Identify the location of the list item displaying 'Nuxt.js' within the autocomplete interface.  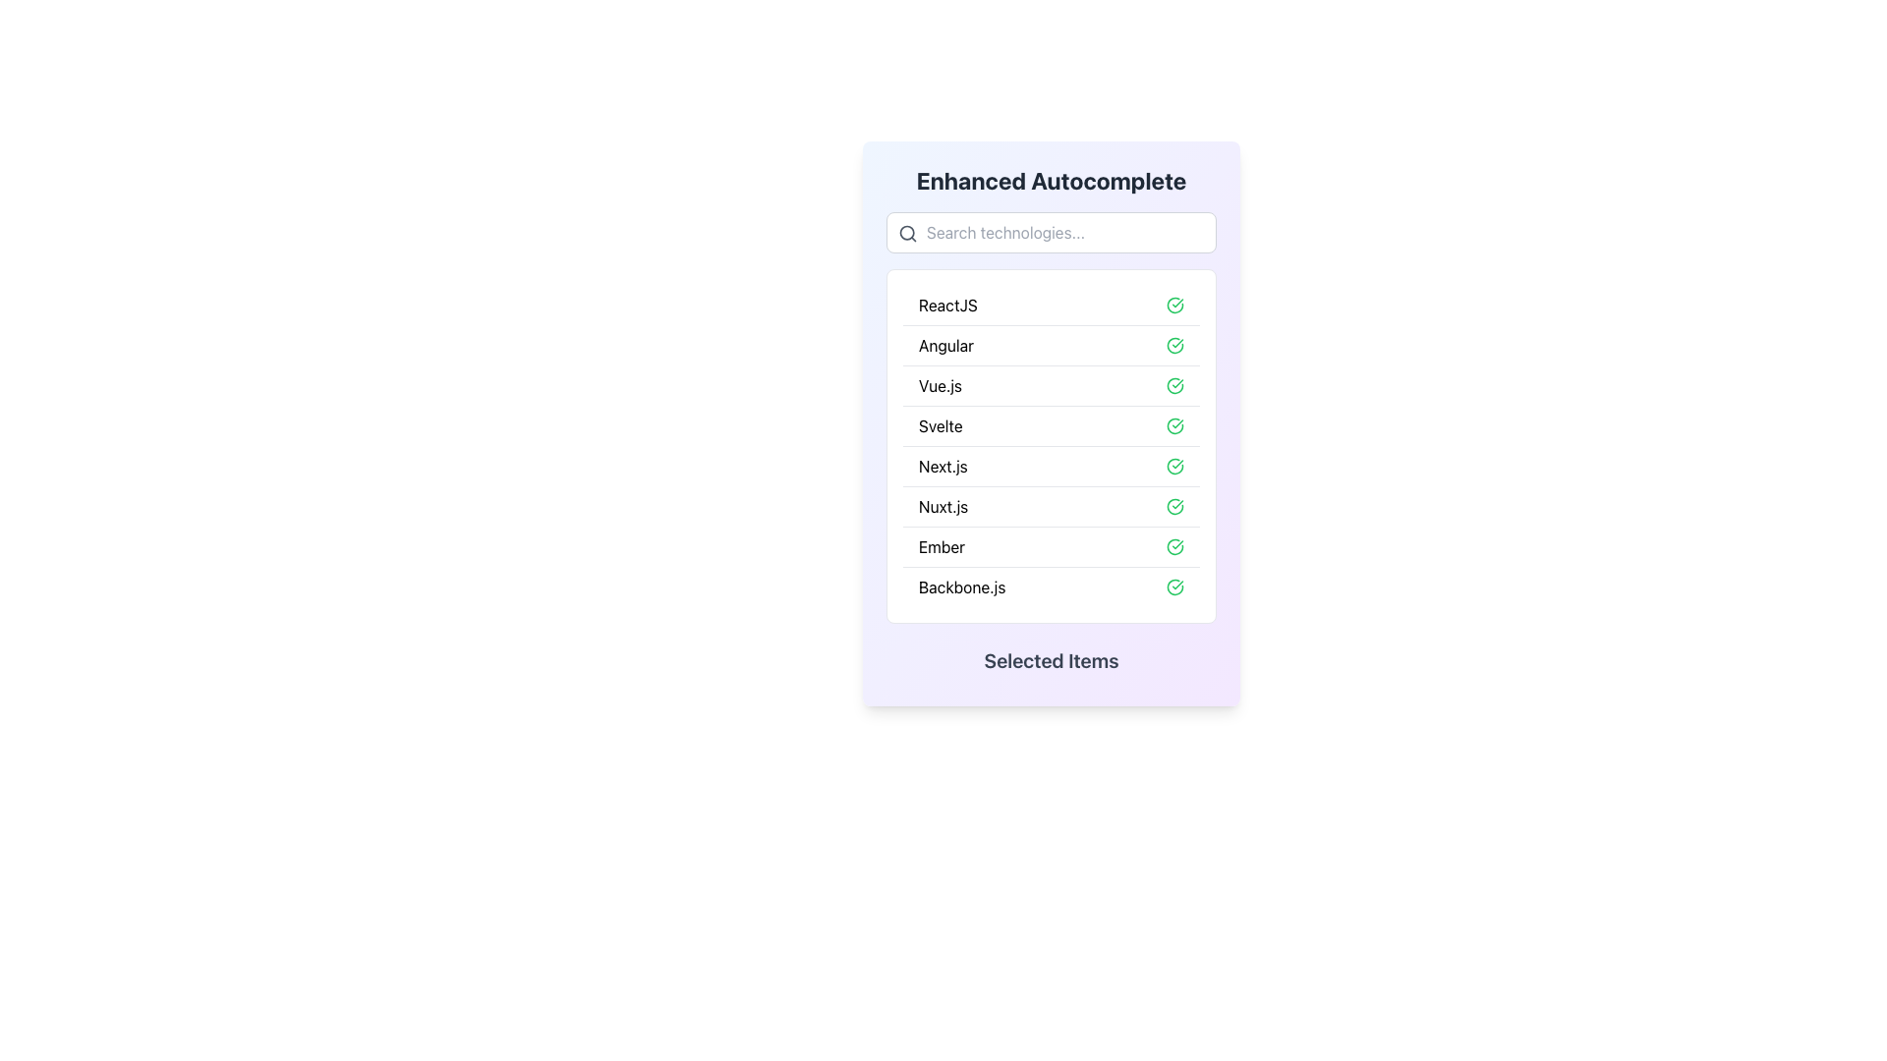
(943, 506).